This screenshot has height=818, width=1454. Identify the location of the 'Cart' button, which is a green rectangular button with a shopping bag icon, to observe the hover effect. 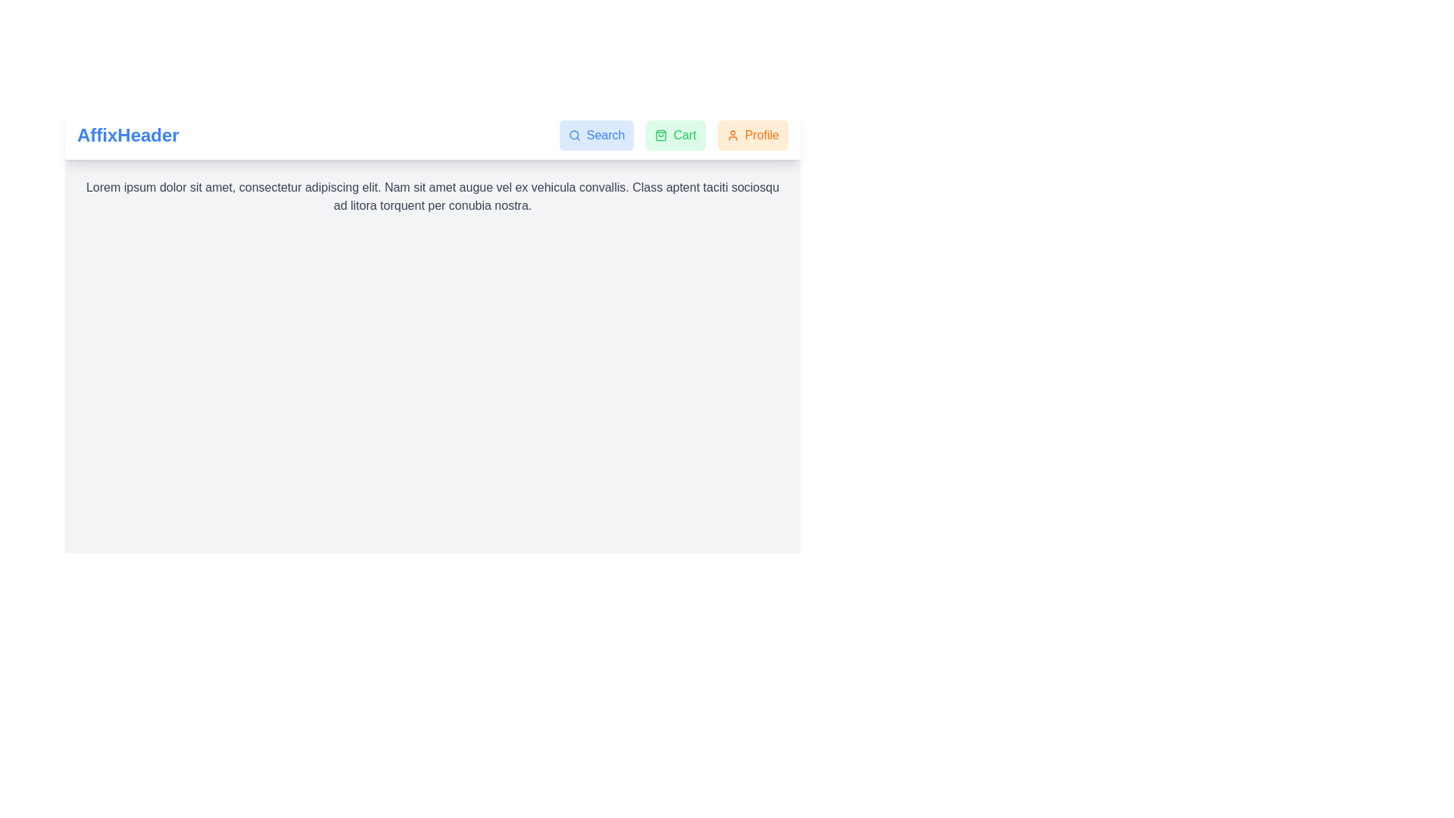
(672, 134).